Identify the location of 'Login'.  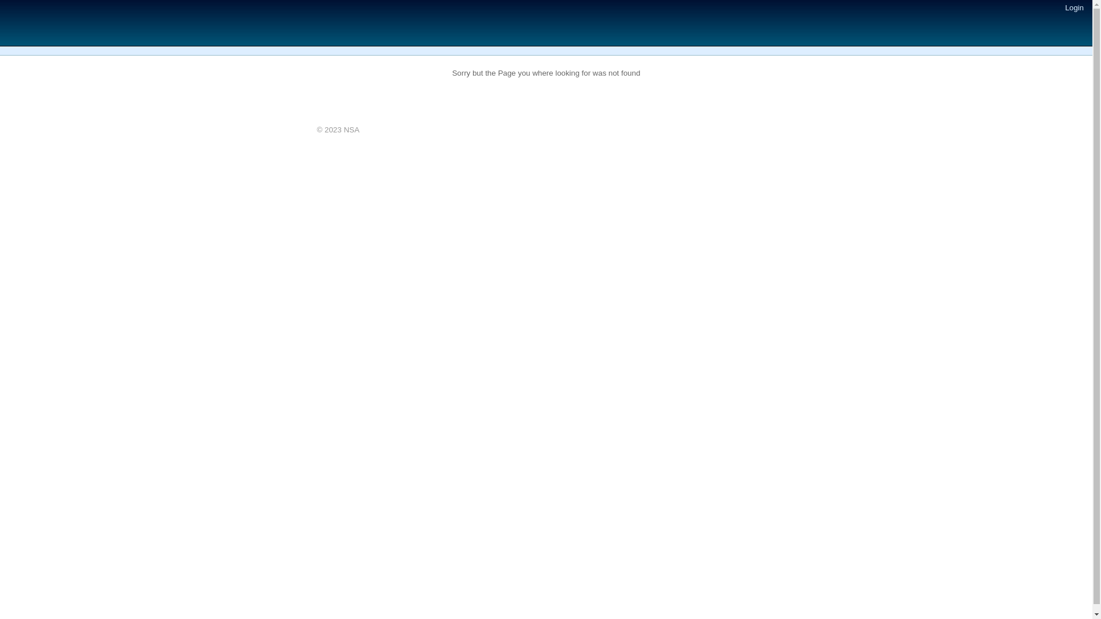
(1073, 7).